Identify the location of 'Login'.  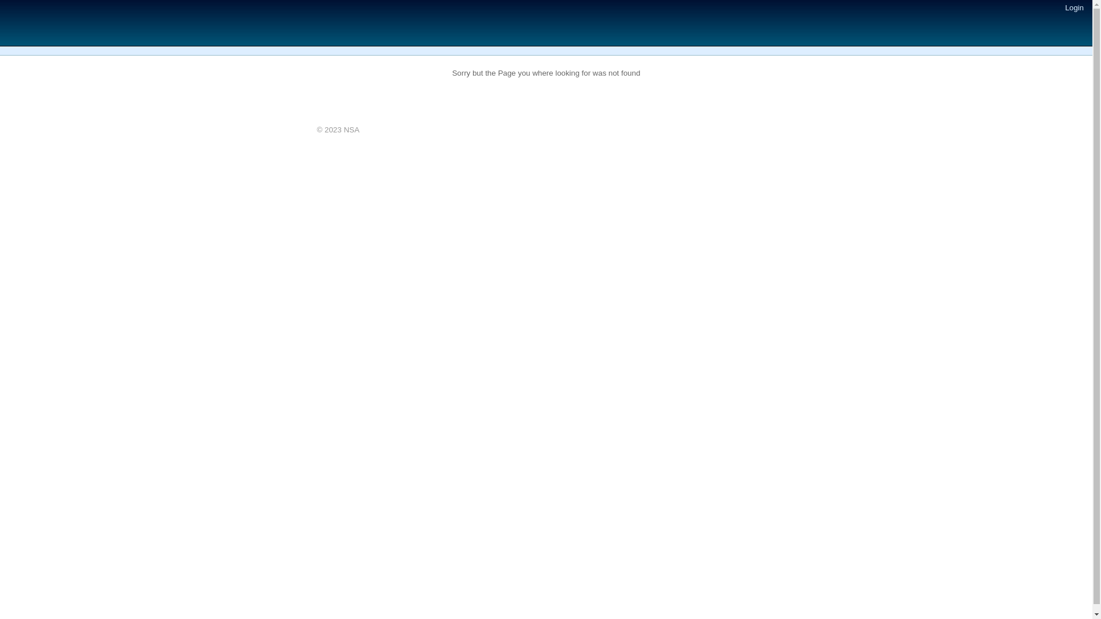
(1073, 7).